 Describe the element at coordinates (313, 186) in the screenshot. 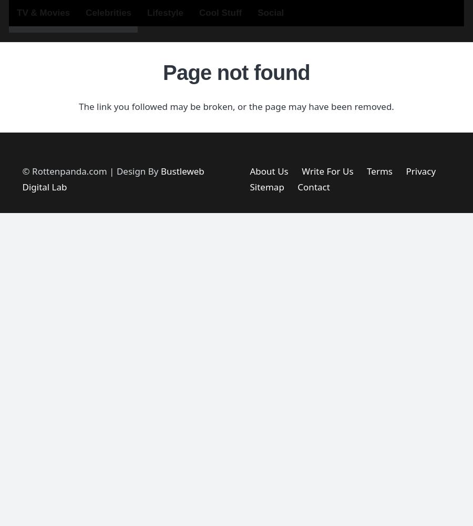

I see `'Contact'` at that location.